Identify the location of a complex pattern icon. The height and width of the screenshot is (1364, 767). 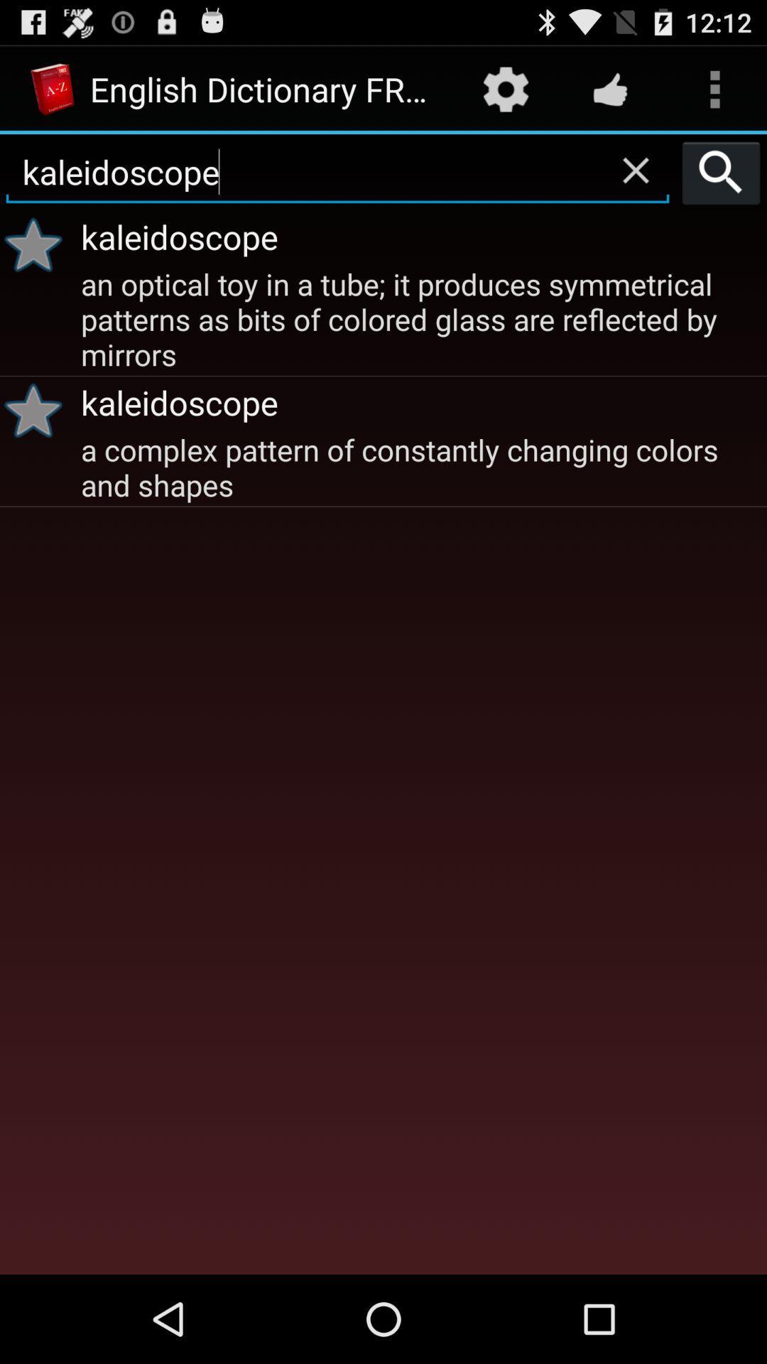
(421, 466).